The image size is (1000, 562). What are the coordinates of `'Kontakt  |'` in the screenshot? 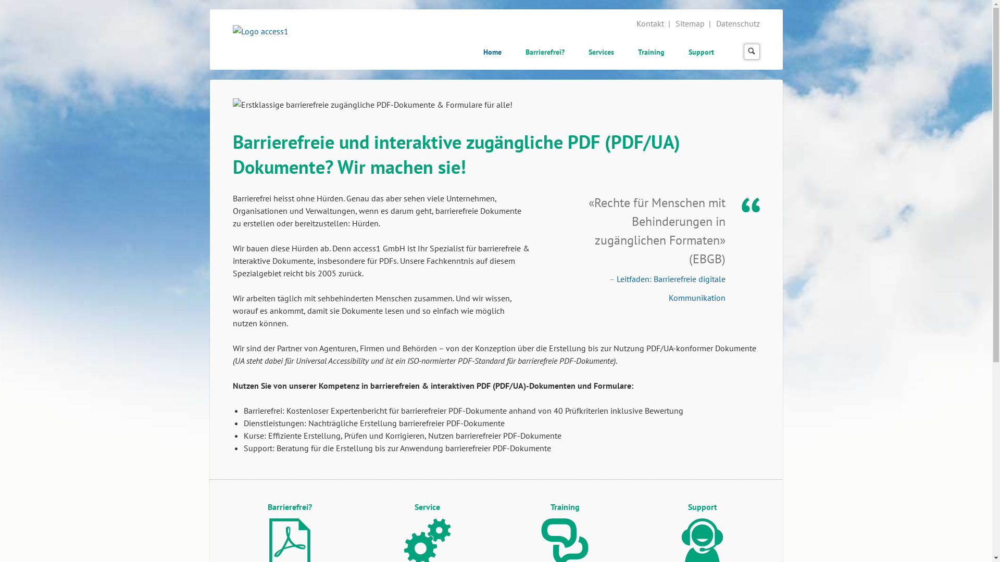 It's located at (636, 23).